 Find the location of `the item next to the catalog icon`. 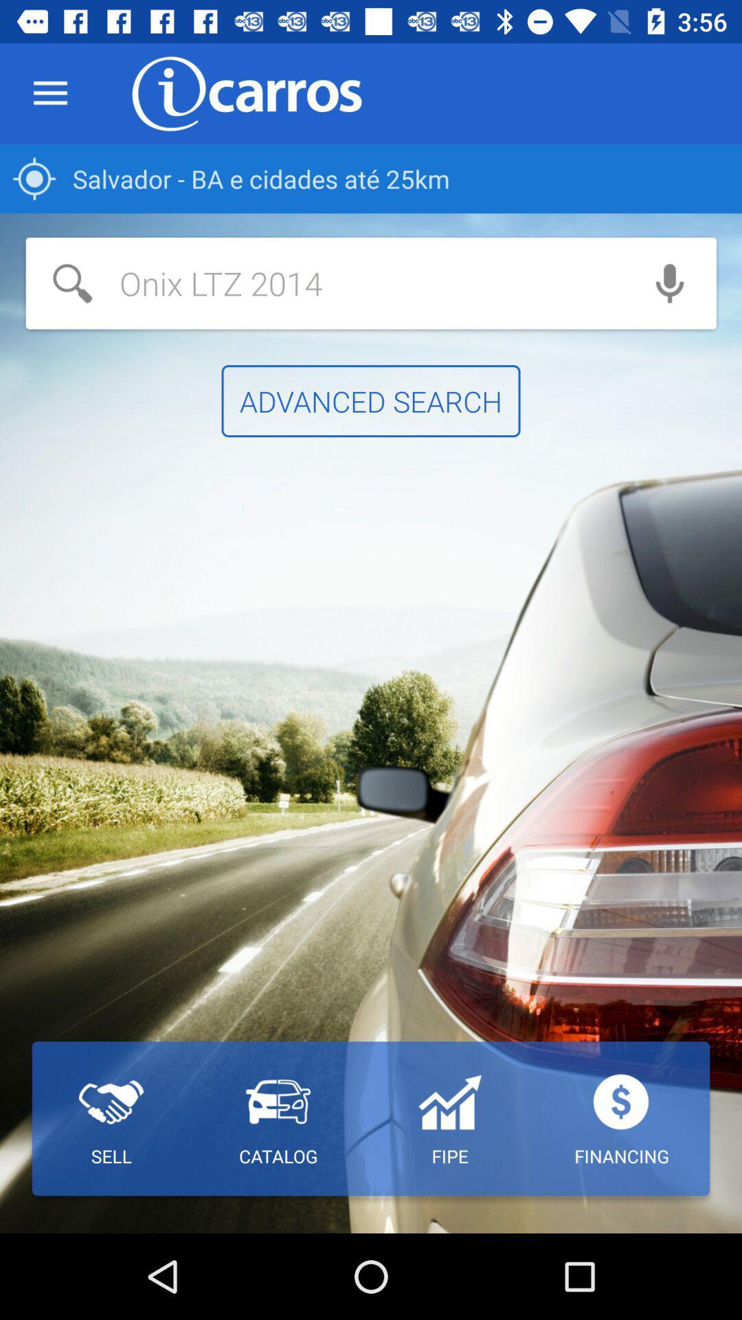

the item next to the catalog icon is located at coordinates (111, 1119).